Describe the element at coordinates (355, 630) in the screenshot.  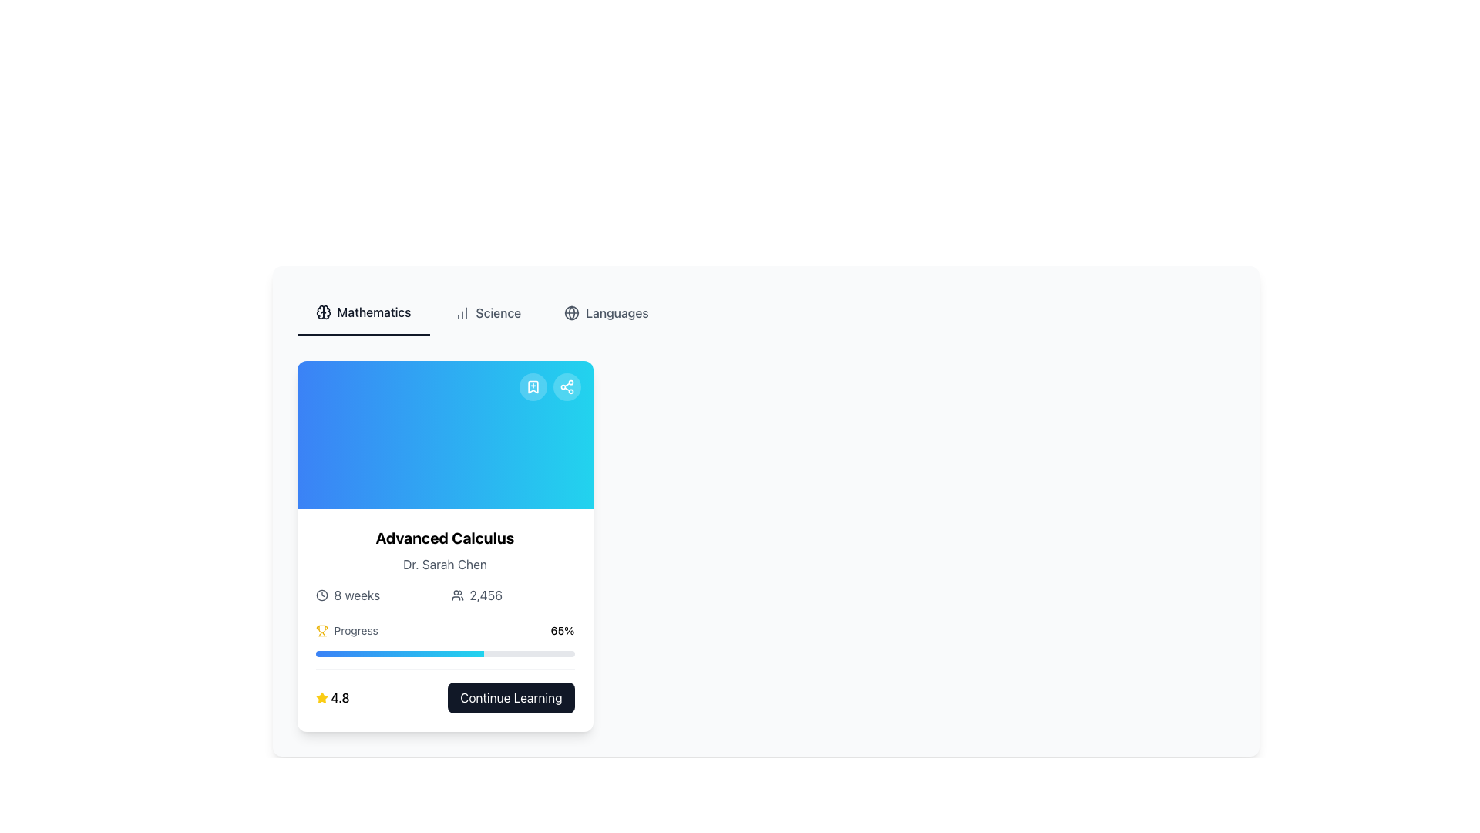
I see `the text label that describes the nearby progress bar, positioned to the right of a trophy icon and above a progress bar within the 'Advanced Calculus' card` at that location.